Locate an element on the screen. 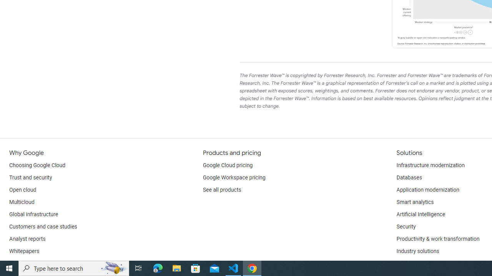  'Customers and case studies' is located at coordinates (43, 226).